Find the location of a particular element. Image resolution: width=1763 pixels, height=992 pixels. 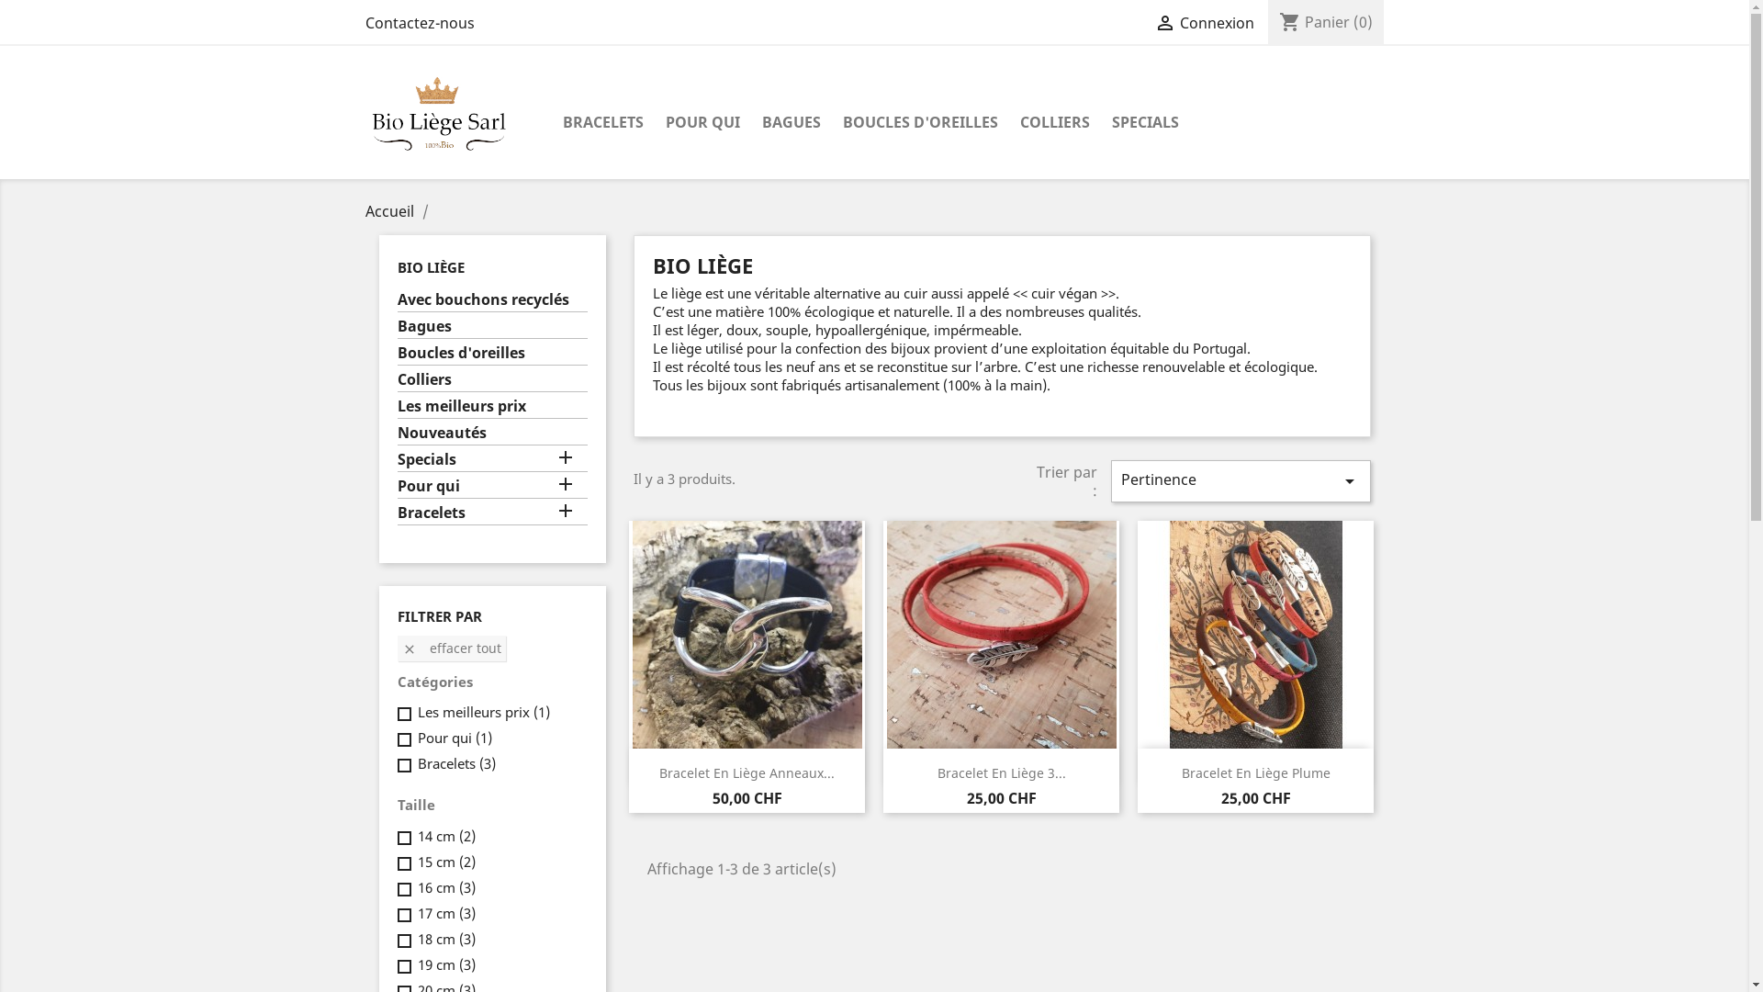

'Pour qui (1)' is located at coordinates (454, 736).